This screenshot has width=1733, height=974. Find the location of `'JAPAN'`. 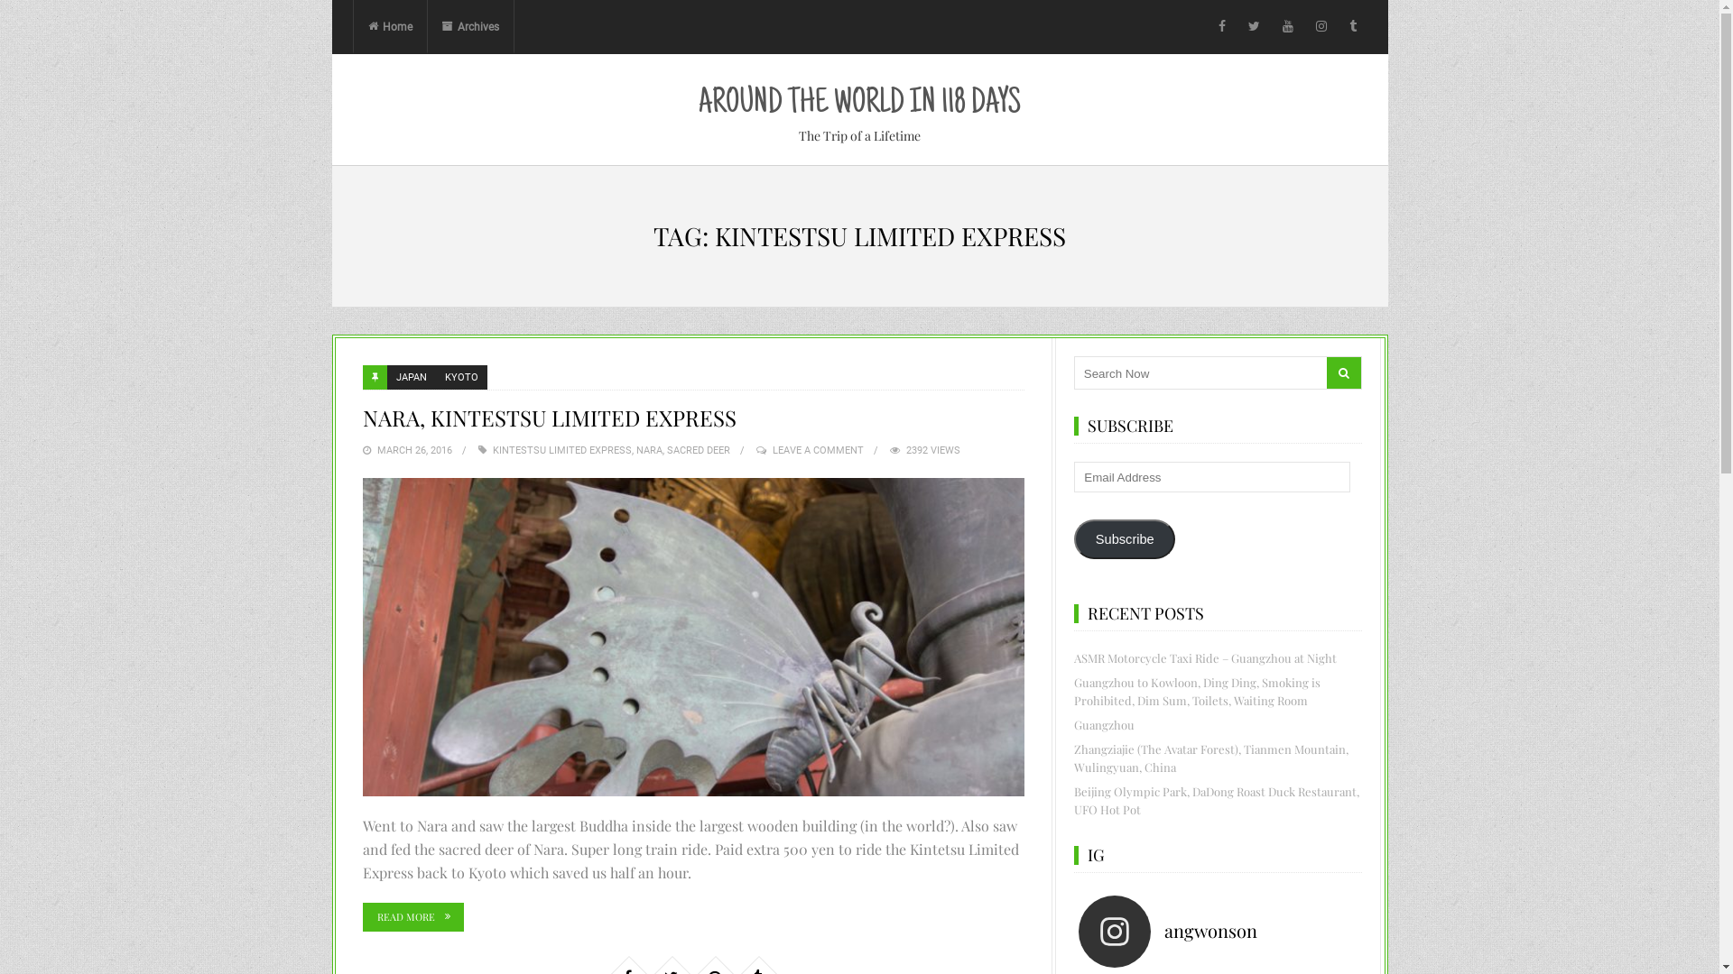

'JAPAN' is located at coordinates (410, 376).